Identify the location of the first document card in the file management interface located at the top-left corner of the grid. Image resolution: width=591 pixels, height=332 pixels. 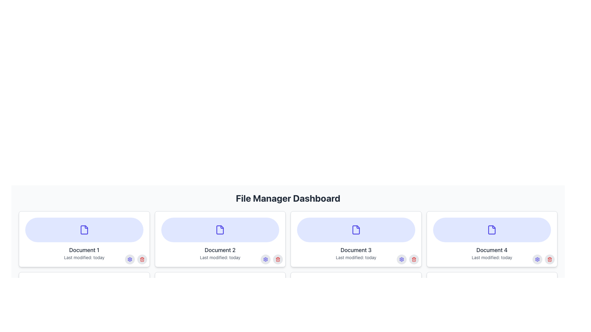
(84, 239).